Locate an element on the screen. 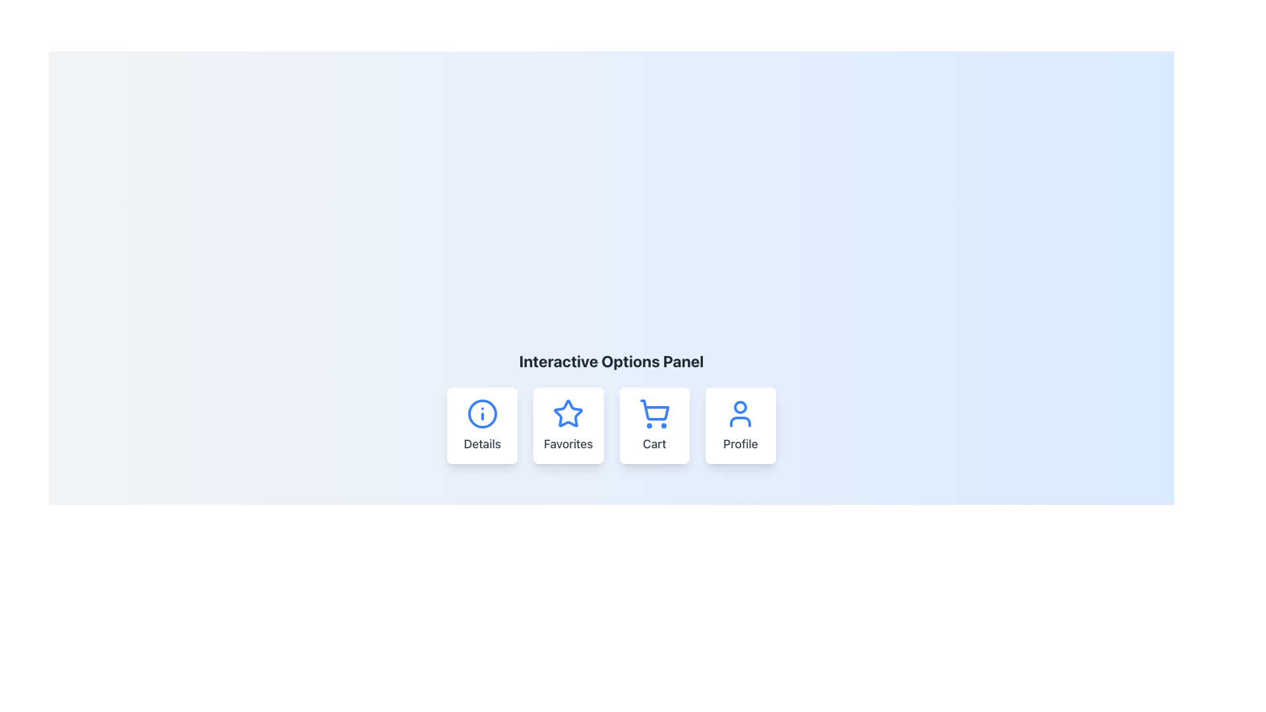  the 'Favorites' icon, which is represented by a star icon located at the center of the 'Favorites' card is located at coordinates (568, 413).